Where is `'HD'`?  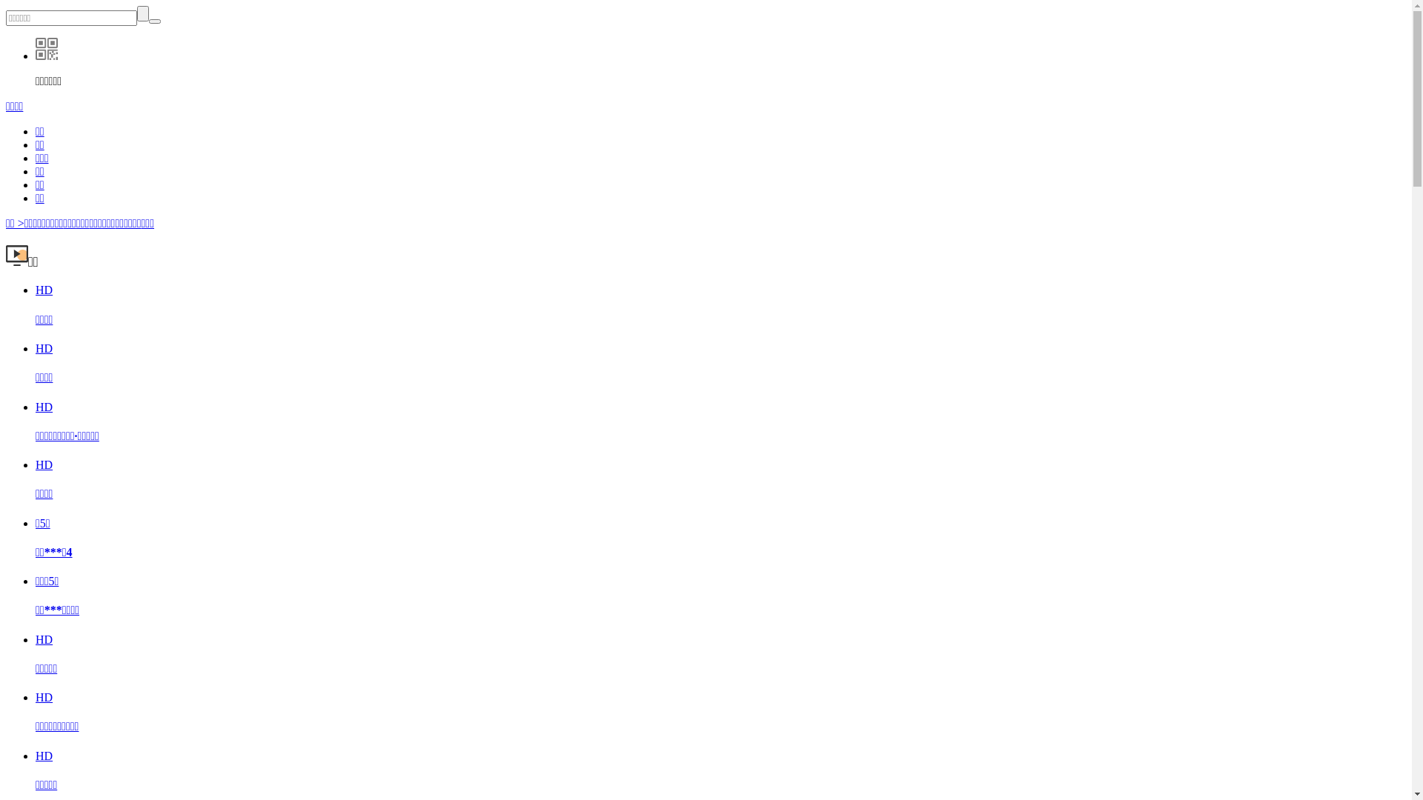
'HD' is located at coordinates (36, 290).